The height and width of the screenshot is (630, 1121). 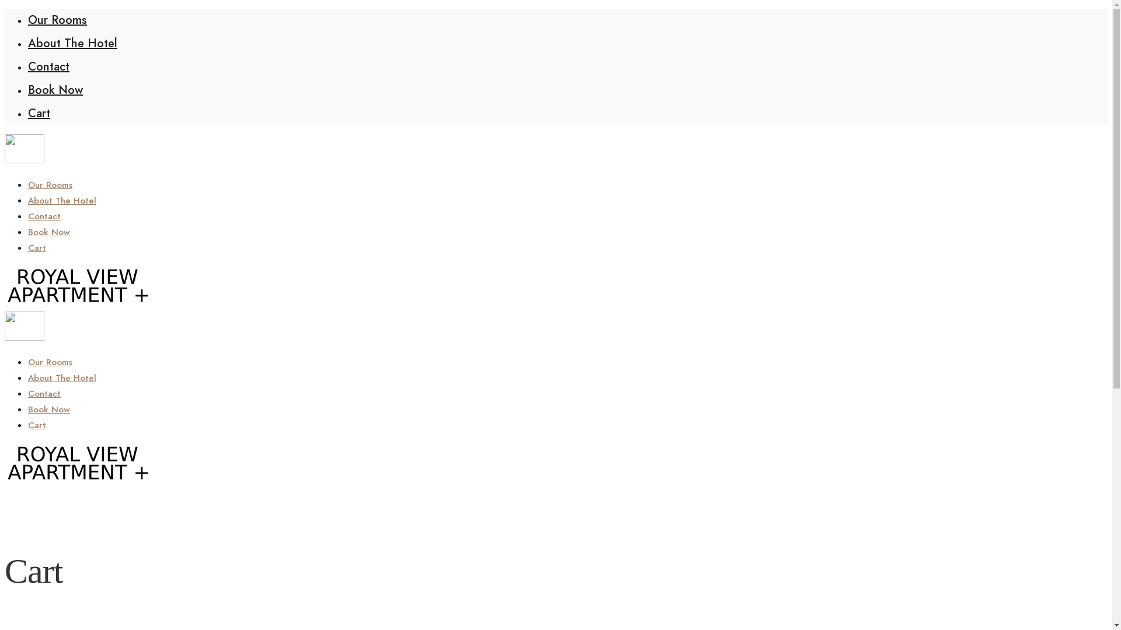 I want to click on 'Contact', so click(x=44, y=394).